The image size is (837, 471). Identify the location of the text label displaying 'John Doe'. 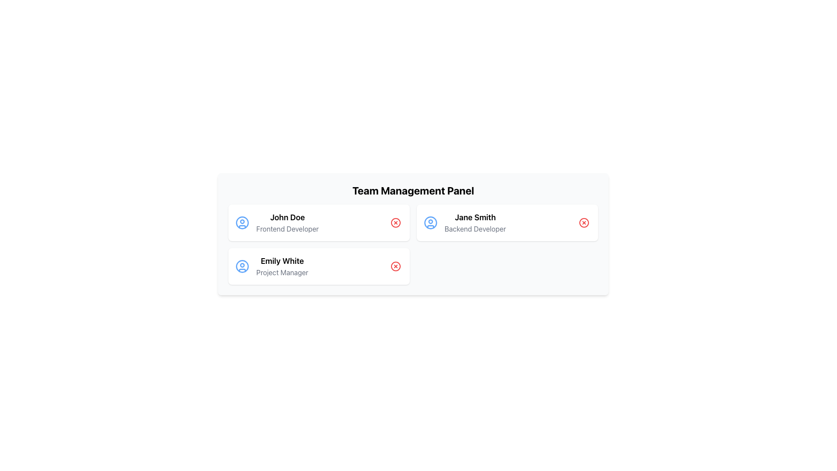
(287, 222).